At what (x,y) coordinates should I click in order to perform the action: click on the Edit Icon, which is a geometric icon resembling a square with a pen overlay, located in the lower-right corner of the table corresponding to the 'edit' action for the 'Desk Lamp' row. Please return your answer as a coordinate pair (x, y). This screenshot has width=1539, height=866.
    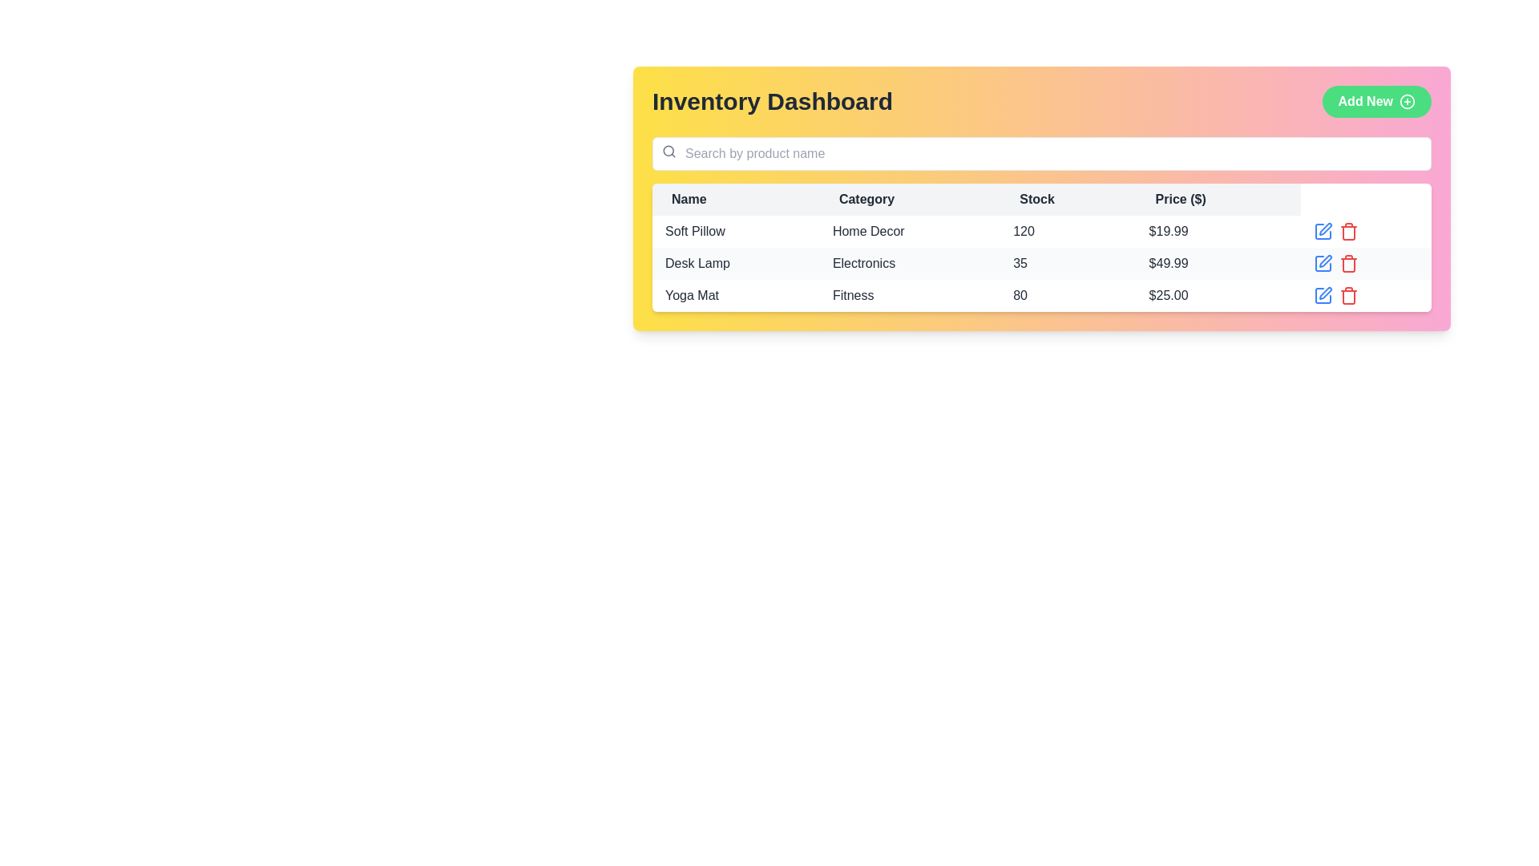
    Looking at the image, I should click on (1323, 232).